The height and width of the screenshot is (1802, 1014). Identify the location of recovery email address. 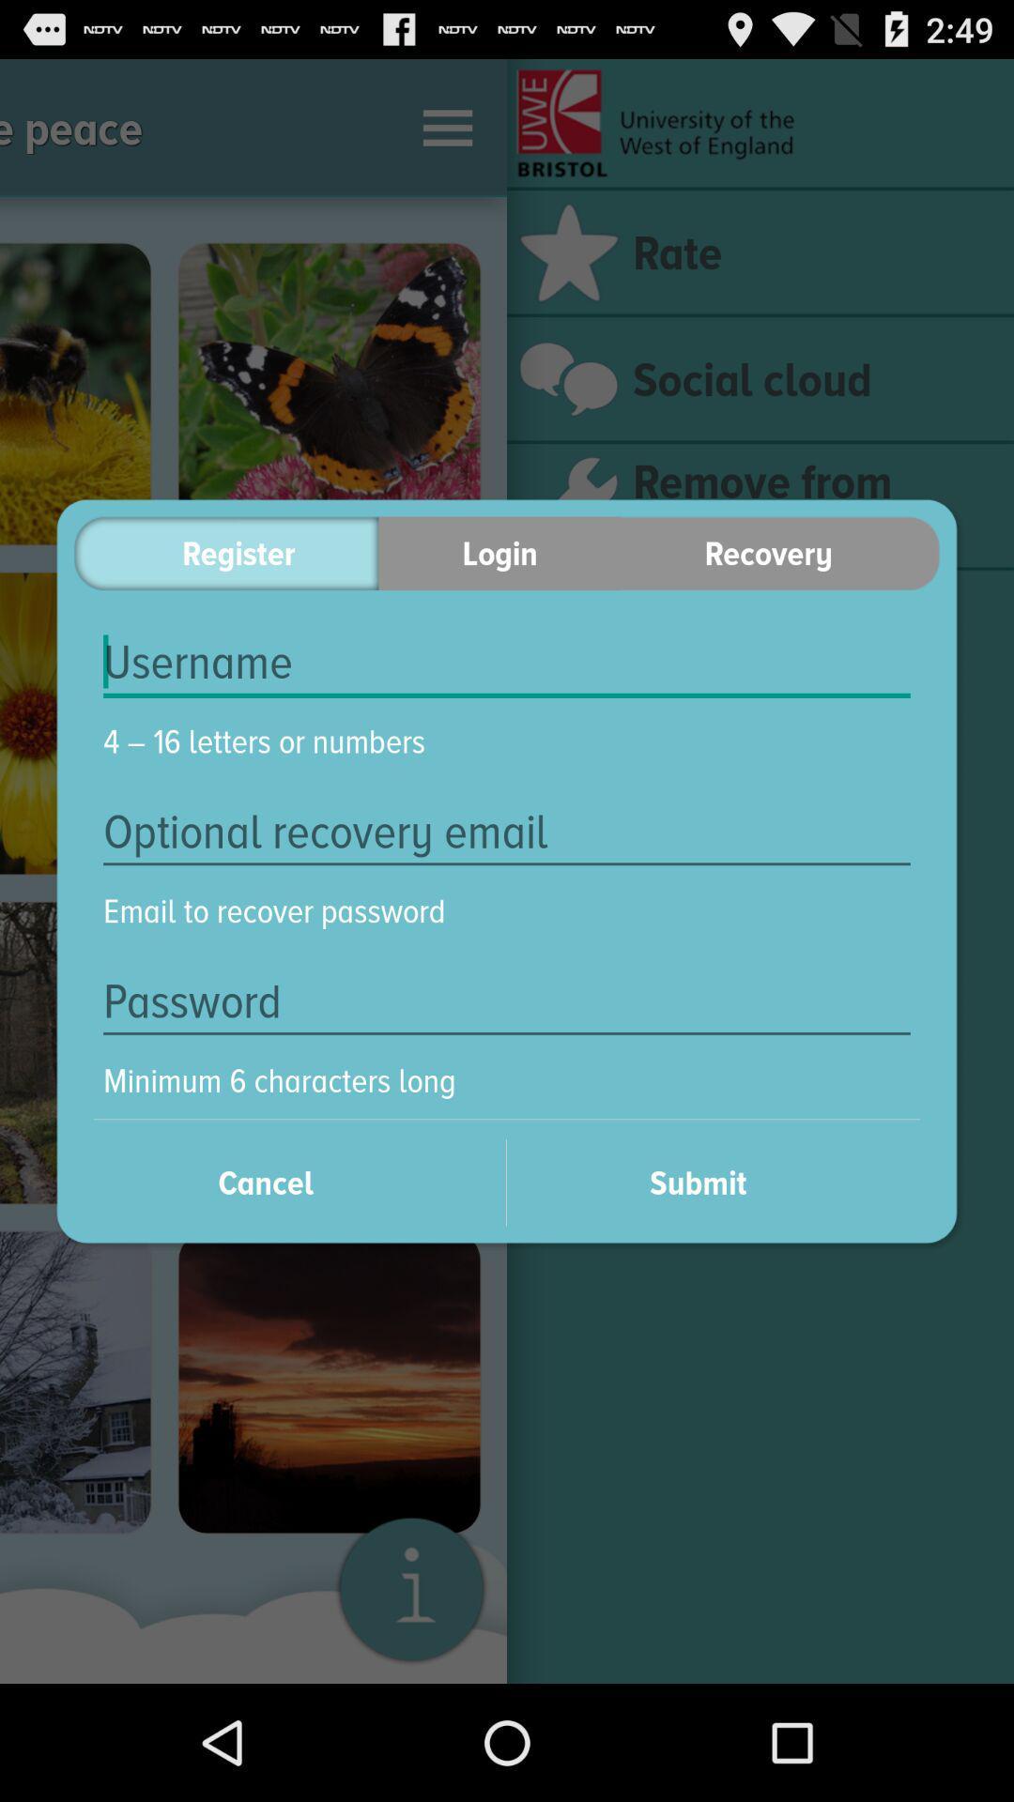
(507, 831).